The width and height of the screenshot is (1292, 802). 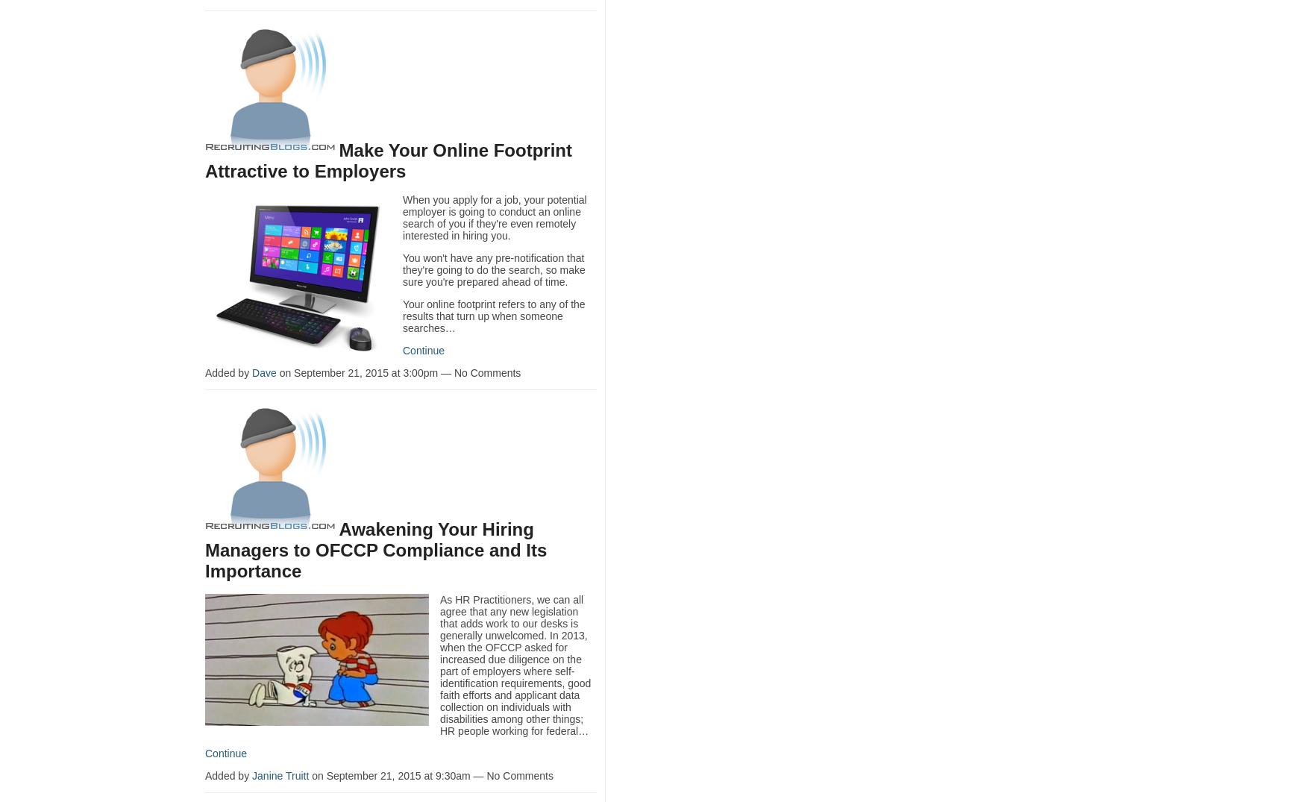 I want to click on 'Awakening Your Hiring Managers to OFCCP Compliance and Its Importance', so click(x=204, y=549).